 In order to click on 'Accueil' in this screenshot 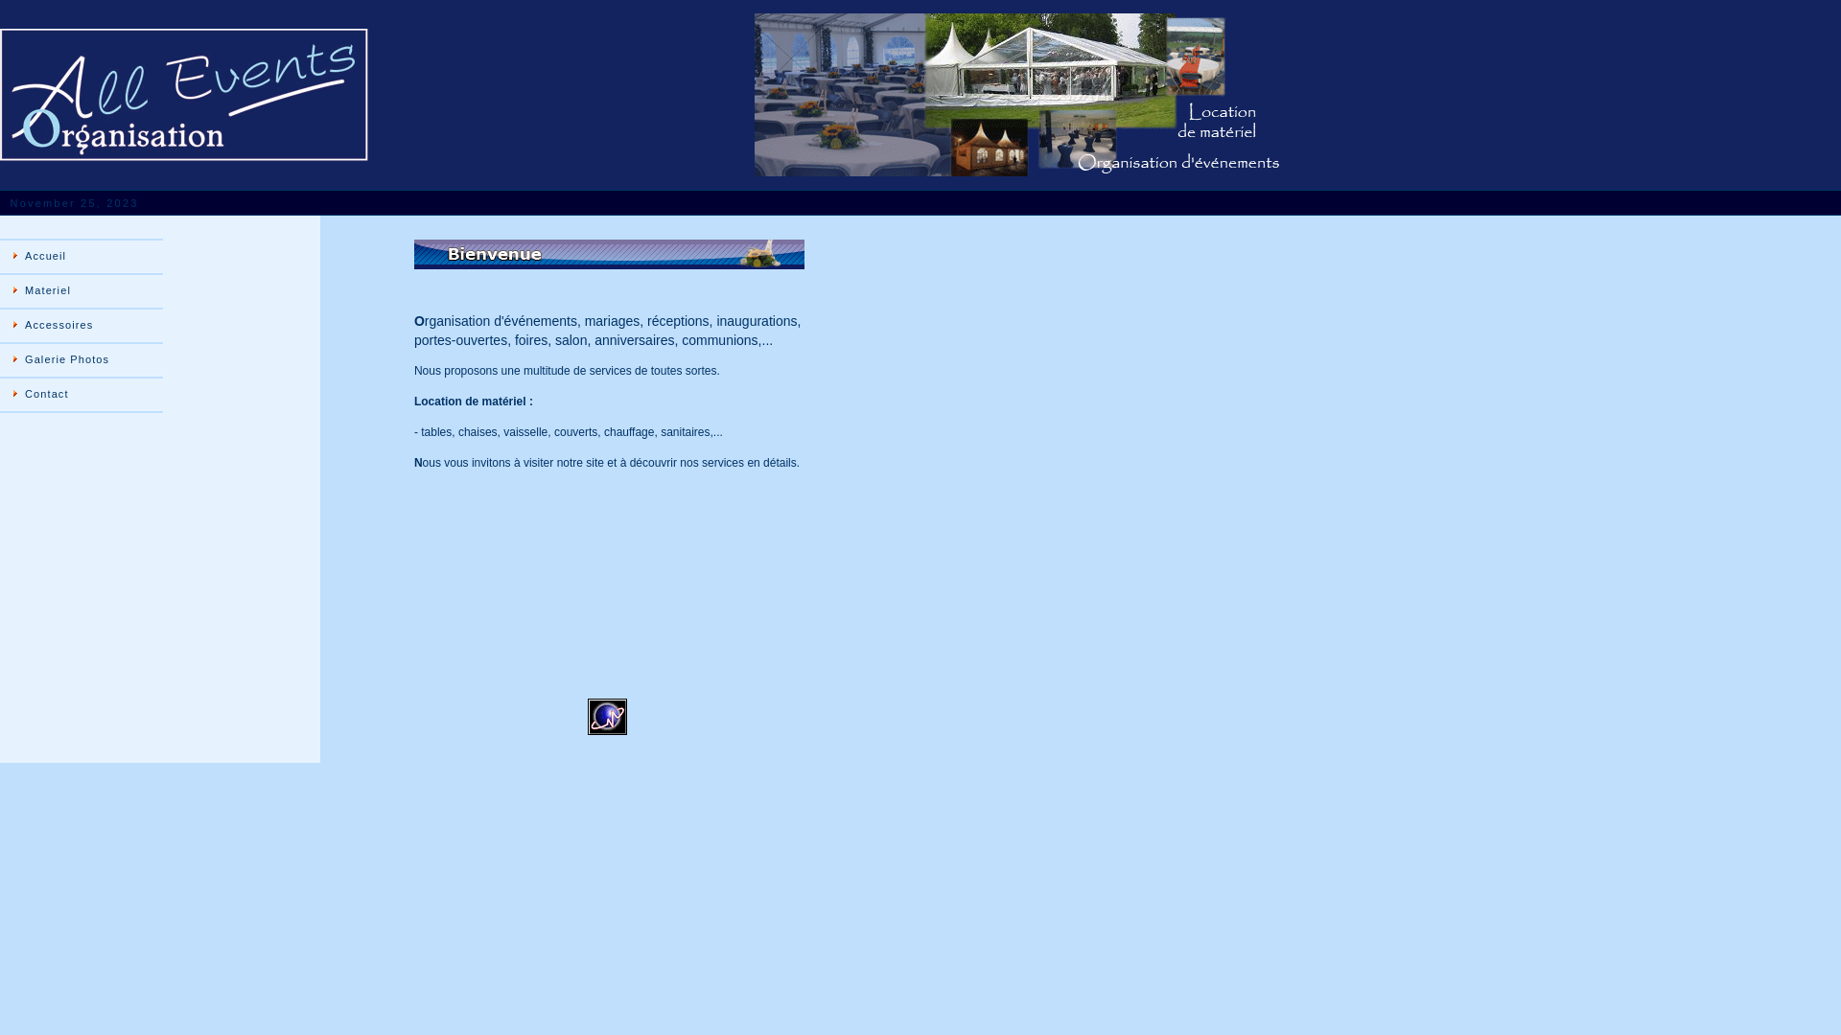, I will do `click(81, 255)`.